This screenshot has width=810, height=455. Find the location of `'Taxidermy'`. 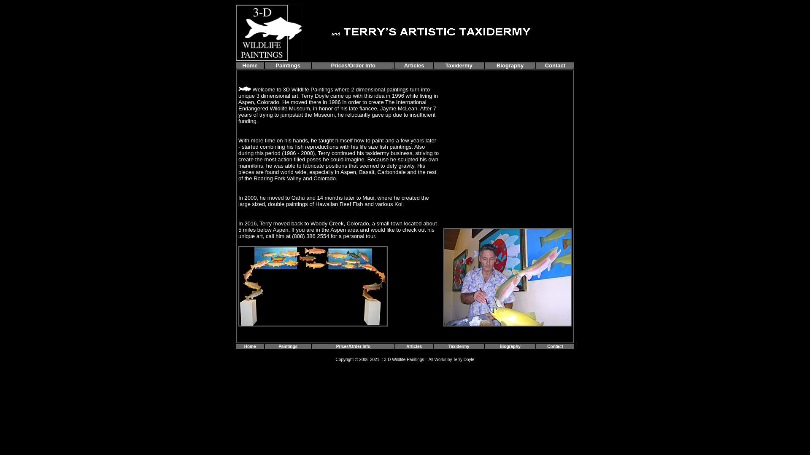

'Taxidermy' is located at coordinates (458, 345).